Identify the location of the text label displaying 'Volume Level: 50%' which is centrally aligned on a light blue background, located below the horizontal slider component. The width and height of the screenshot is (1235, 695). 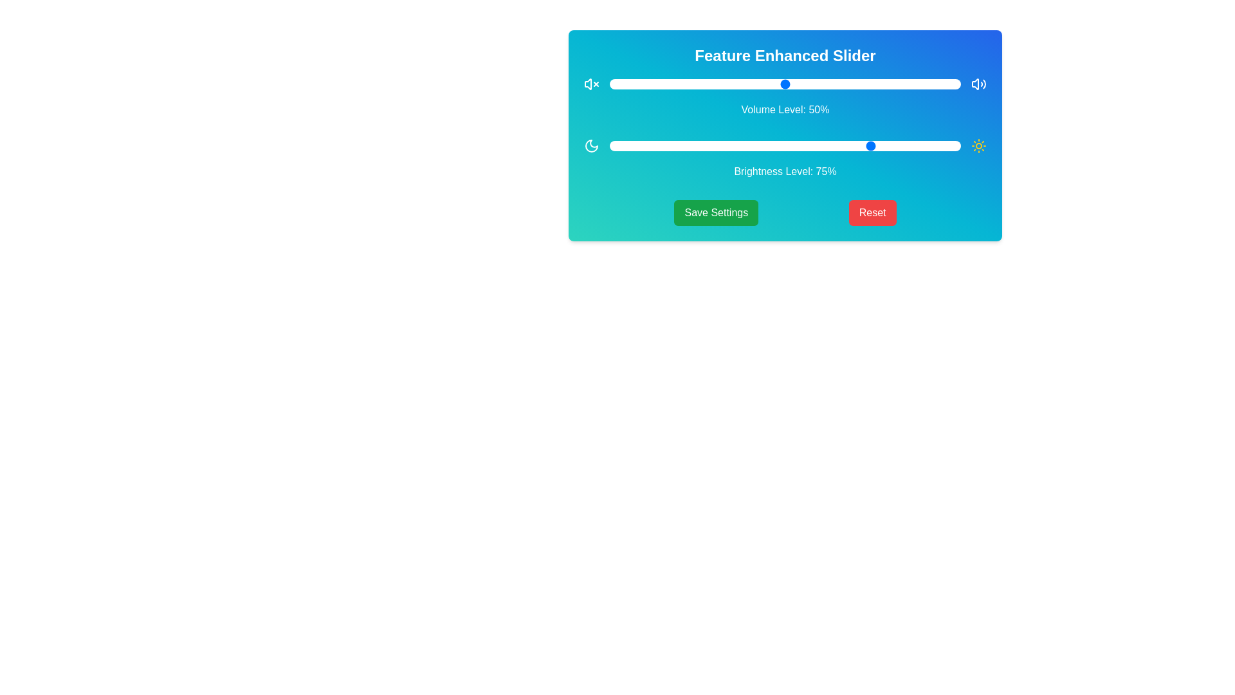
(784, 109).